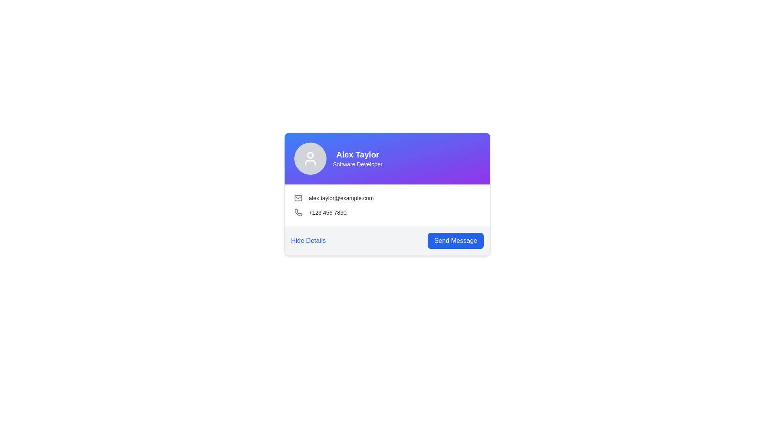 The height and width of the screenshot is (435, 774). What do you see at coordinates (298, 212) in the screenshot?
I see `the phone number icon which serves as a symbolic representation of a phone number and is non-interactive, located on the left within a horizontal group of components` at bounding box center [298, 212].